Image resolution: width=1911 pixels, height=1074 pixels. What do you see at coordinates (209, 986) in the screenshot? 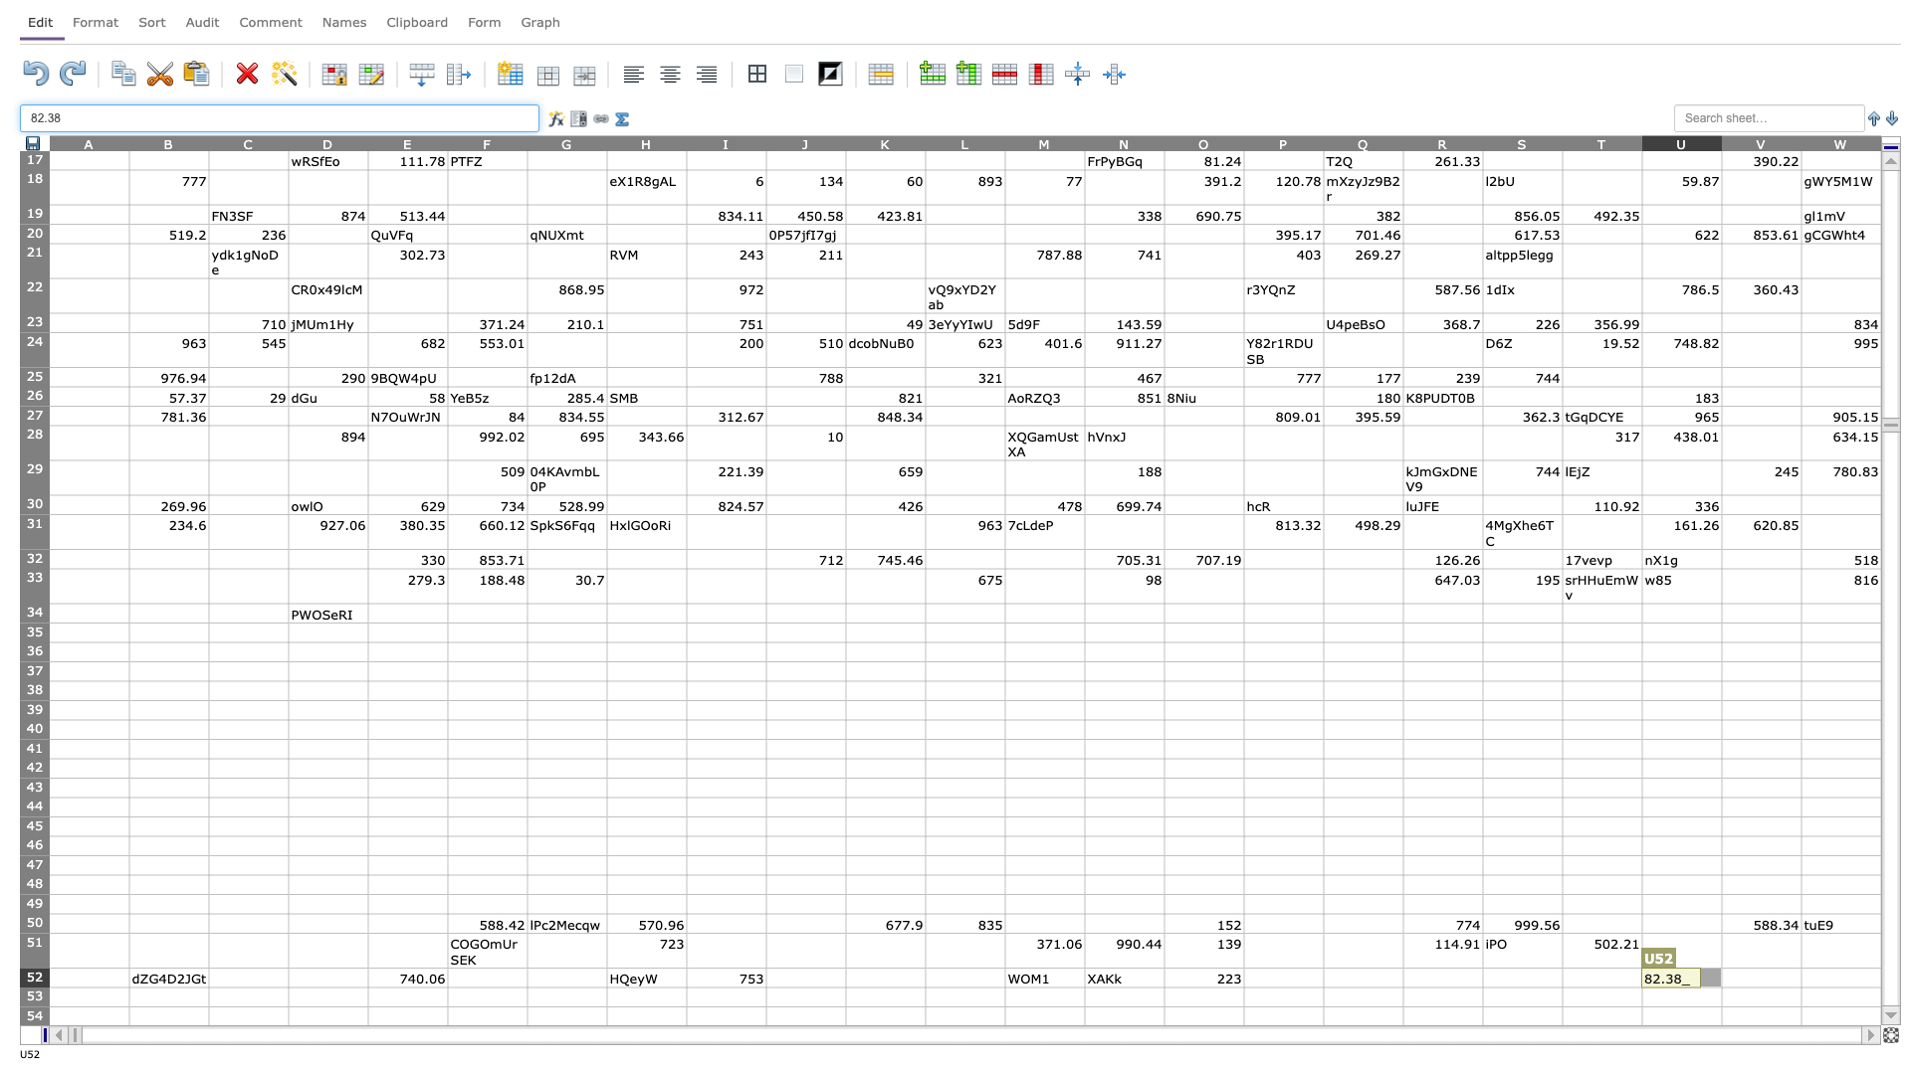
I see `top left at column C row 53` at bounding box center [209, 986].